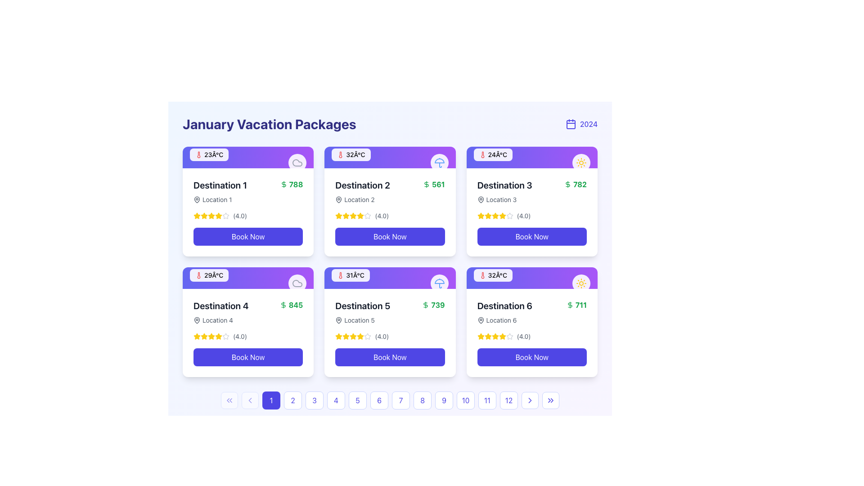 The width and height of the screenshot is (864, 486). Describe the element at coordinates (504, 199) in the screenshot. I see `text label displaying 'Location 3', which is styled with a gray color and located within the Destination 3 card, positioned below the card header 'Destination 3'` at that location.